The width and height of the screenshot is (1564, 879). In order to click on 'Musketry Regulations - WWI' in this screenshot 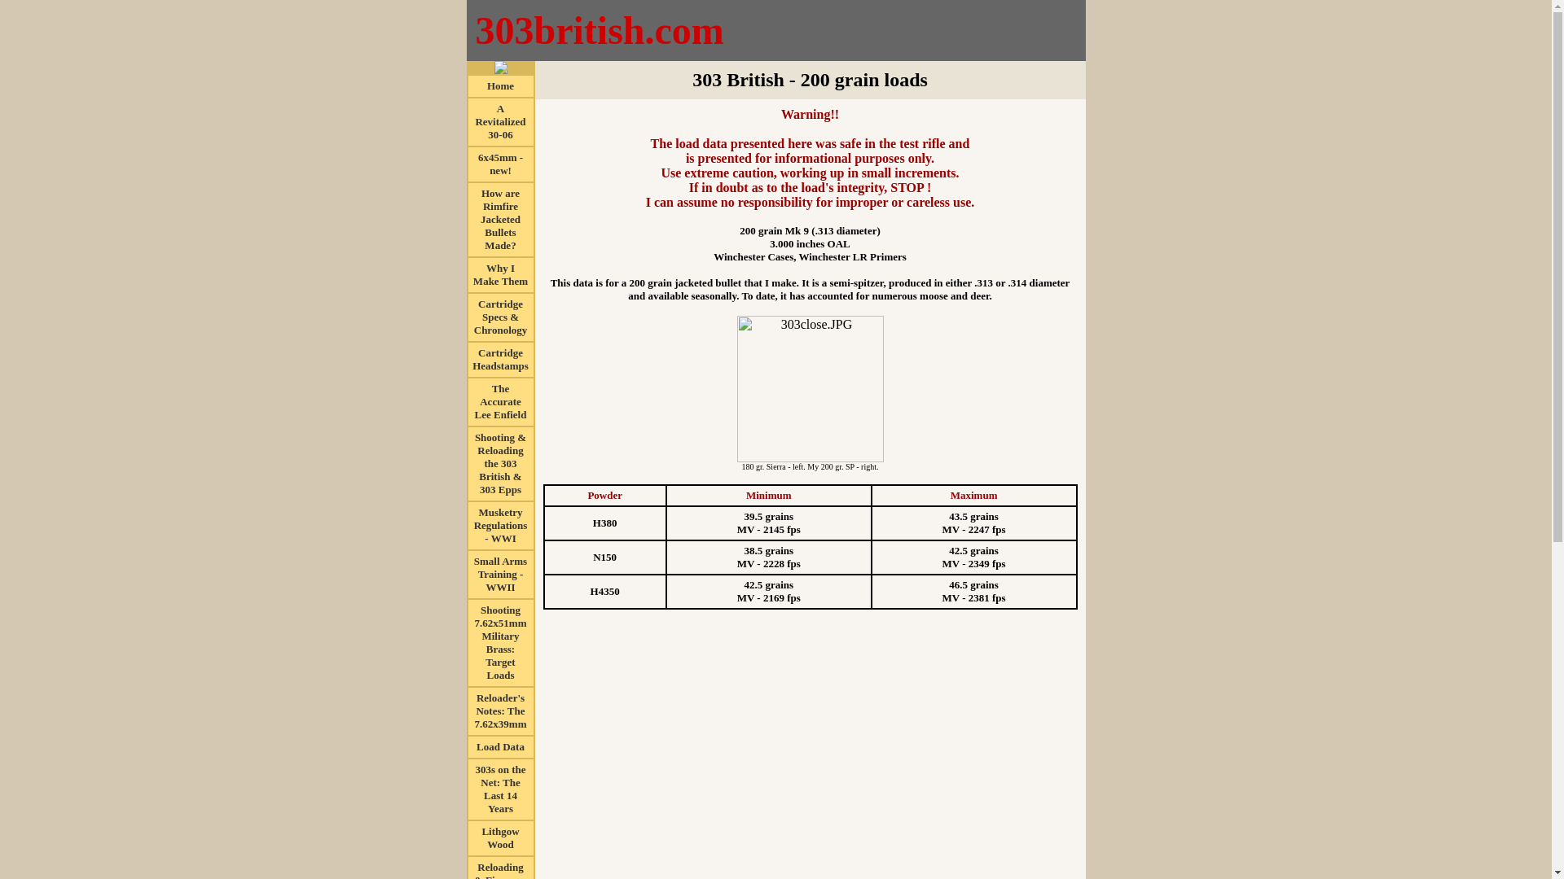, I will do `click(499, 524)`.